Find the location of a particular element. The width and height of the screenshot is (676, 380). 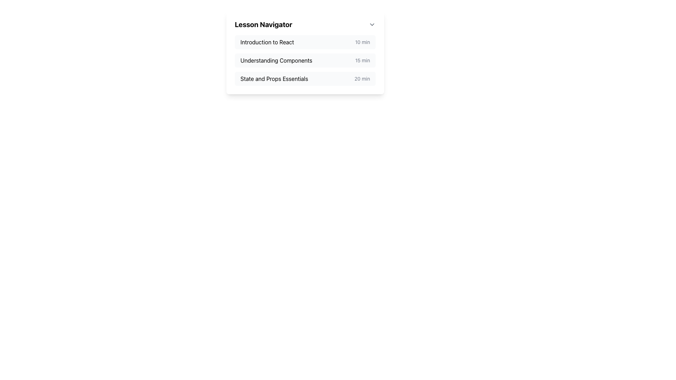

the first item in the lesson navigator list is located at coordinates (305, 42).